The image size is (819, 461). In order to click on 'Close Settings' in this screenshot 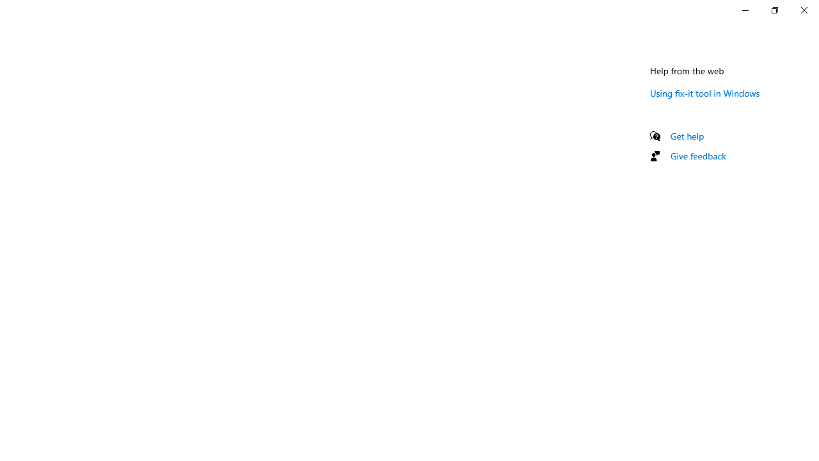, I will do `click(803, 10)`.